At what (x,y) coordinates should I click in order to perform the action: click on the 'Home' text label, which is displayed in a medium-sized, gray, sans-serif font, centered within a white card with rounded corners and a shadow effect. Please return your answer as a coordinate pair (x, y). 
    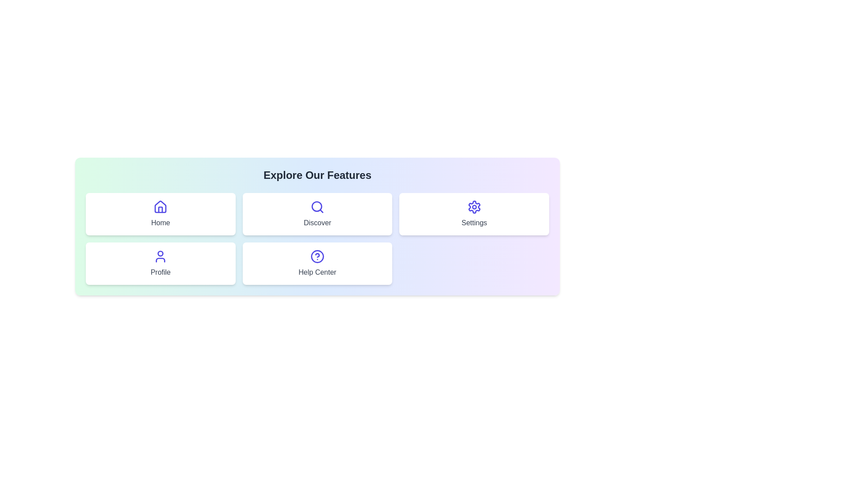
    Looking at the image, I should click on (161, 223).